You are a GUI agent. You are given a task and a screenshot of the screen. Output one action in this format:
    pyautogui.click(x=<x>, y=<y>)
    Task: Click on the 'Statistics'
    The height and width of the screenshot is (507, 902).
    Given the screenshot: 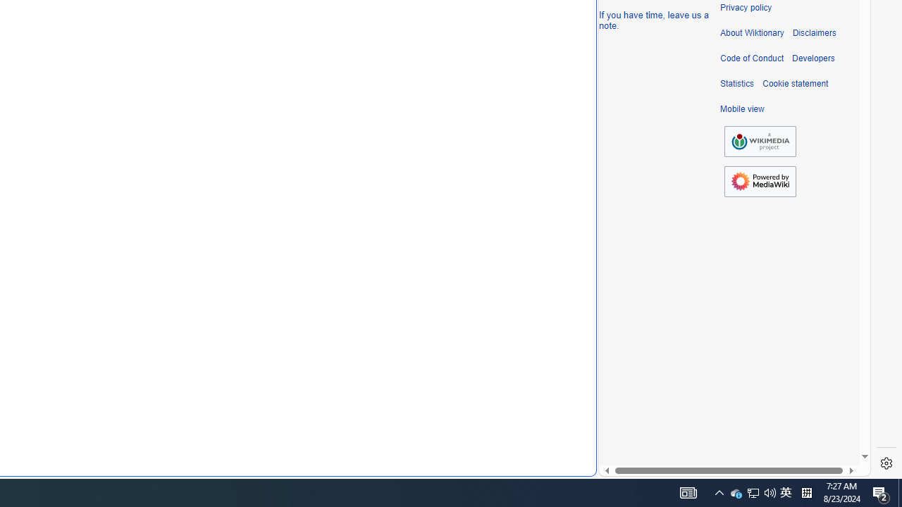 What is the action you would take?
    pyautogui.click(x=736, y=84)
    